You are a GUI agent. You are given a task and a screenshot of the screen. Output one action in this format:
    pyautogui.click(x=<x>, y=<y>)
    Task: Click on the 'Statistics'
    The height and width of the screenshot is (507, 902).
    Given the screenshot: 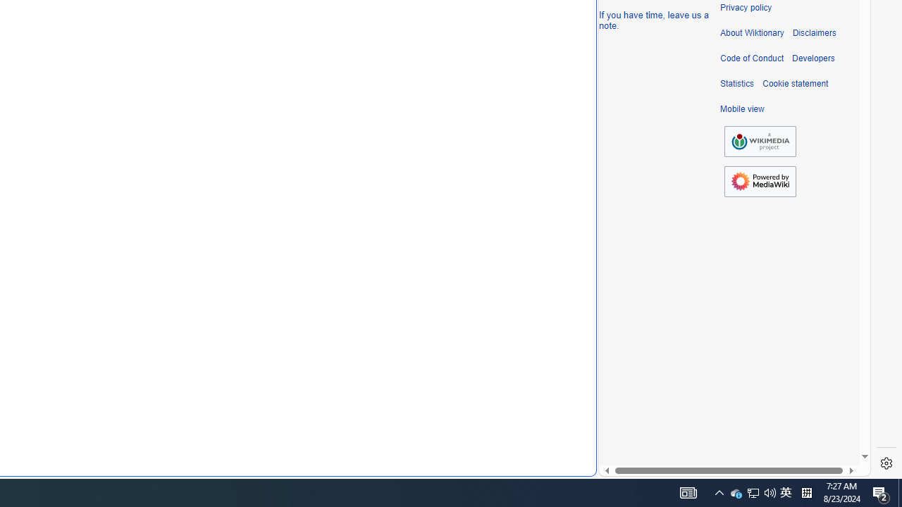 What is the action you would take?
    pyautogui.click(x=736, y=84)
    